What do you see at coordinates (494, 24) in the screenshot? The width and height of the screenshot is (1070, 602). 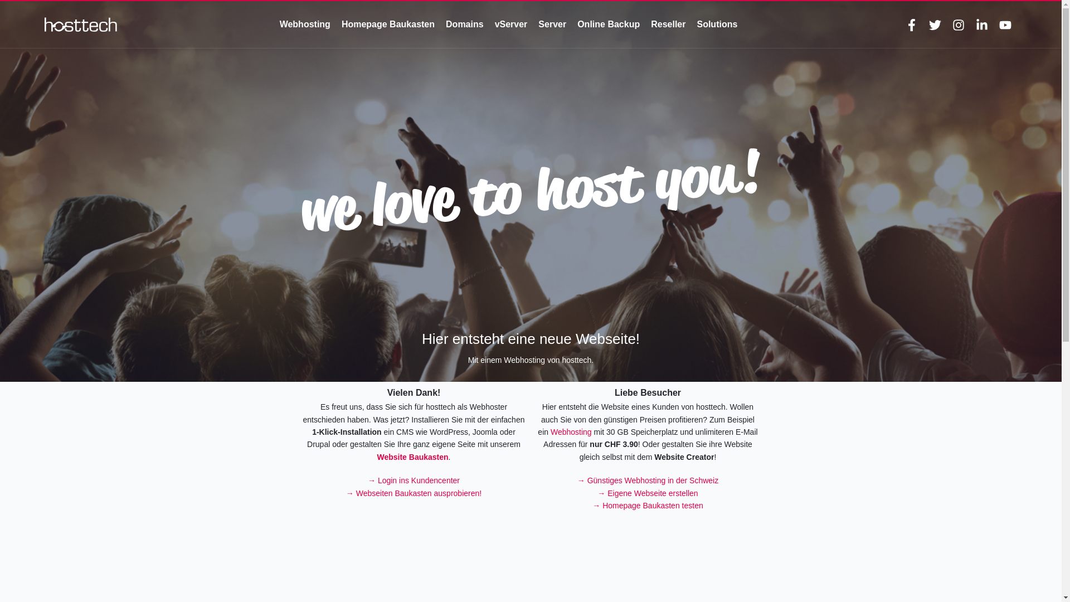 I see `'vServer'` at bounding box center [494, 24].